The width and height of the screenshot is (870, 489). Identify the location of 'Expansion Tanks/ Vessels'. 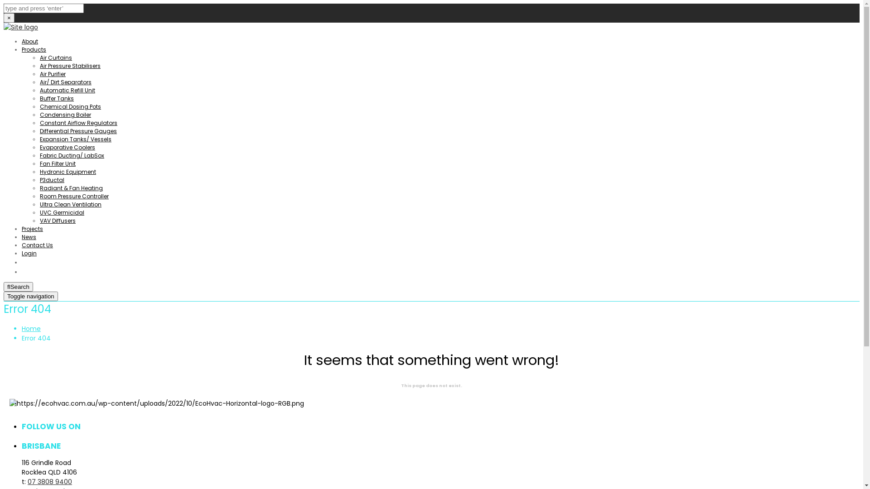
(76, 139).